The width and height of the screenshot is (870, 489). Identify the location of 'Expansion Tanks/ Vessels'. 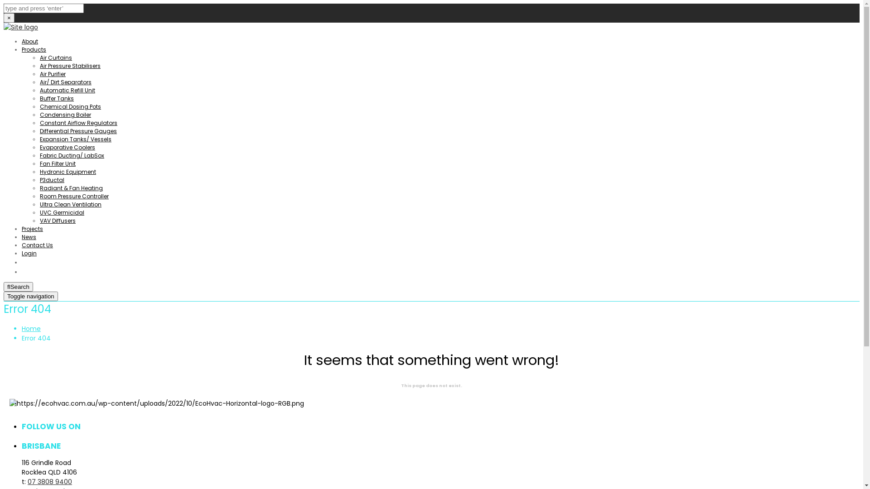
(76, 139).